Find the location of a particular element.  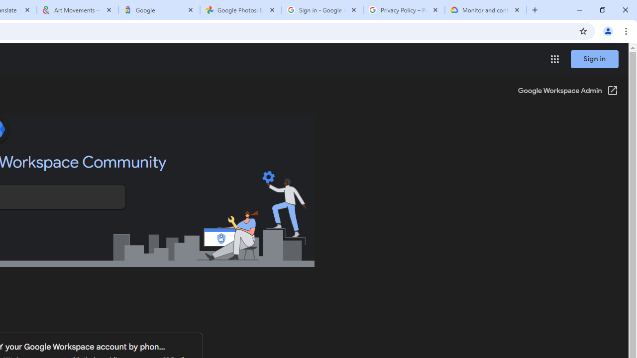

'New Tab' is located at coordinates (534, 10).